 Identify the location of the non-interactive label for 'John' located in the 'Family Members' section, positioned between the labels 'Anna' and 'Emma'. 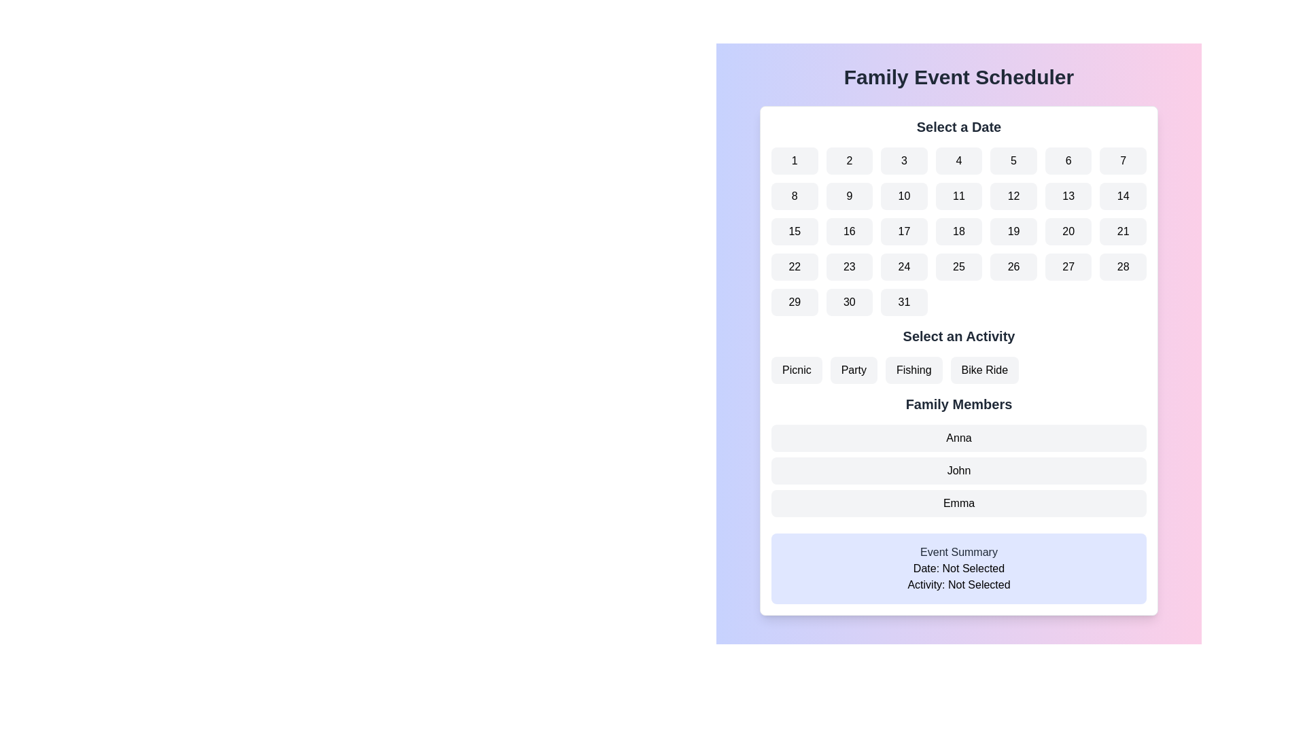
(958, 470).